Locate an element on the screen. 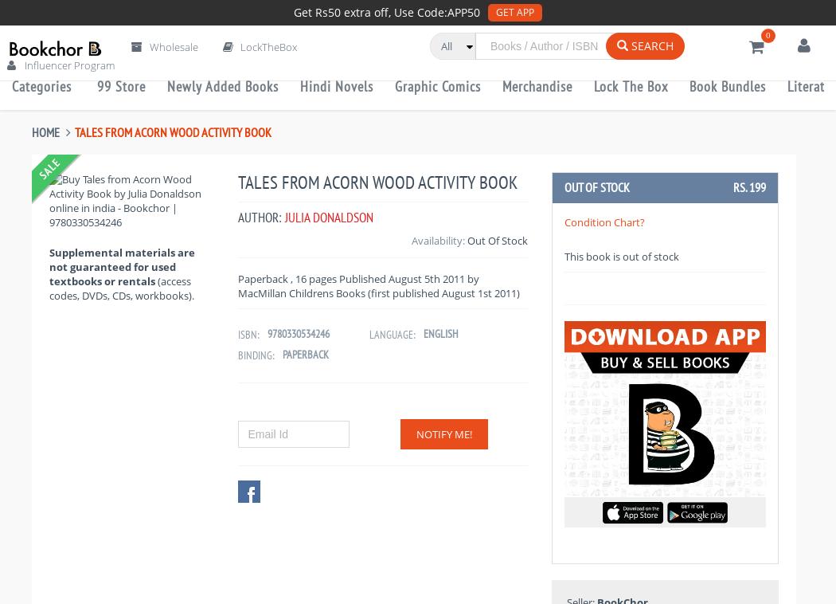 The width and height of the screenshot is (836, 604). 'Condition Chart?' is located at coordinates (604, 222).